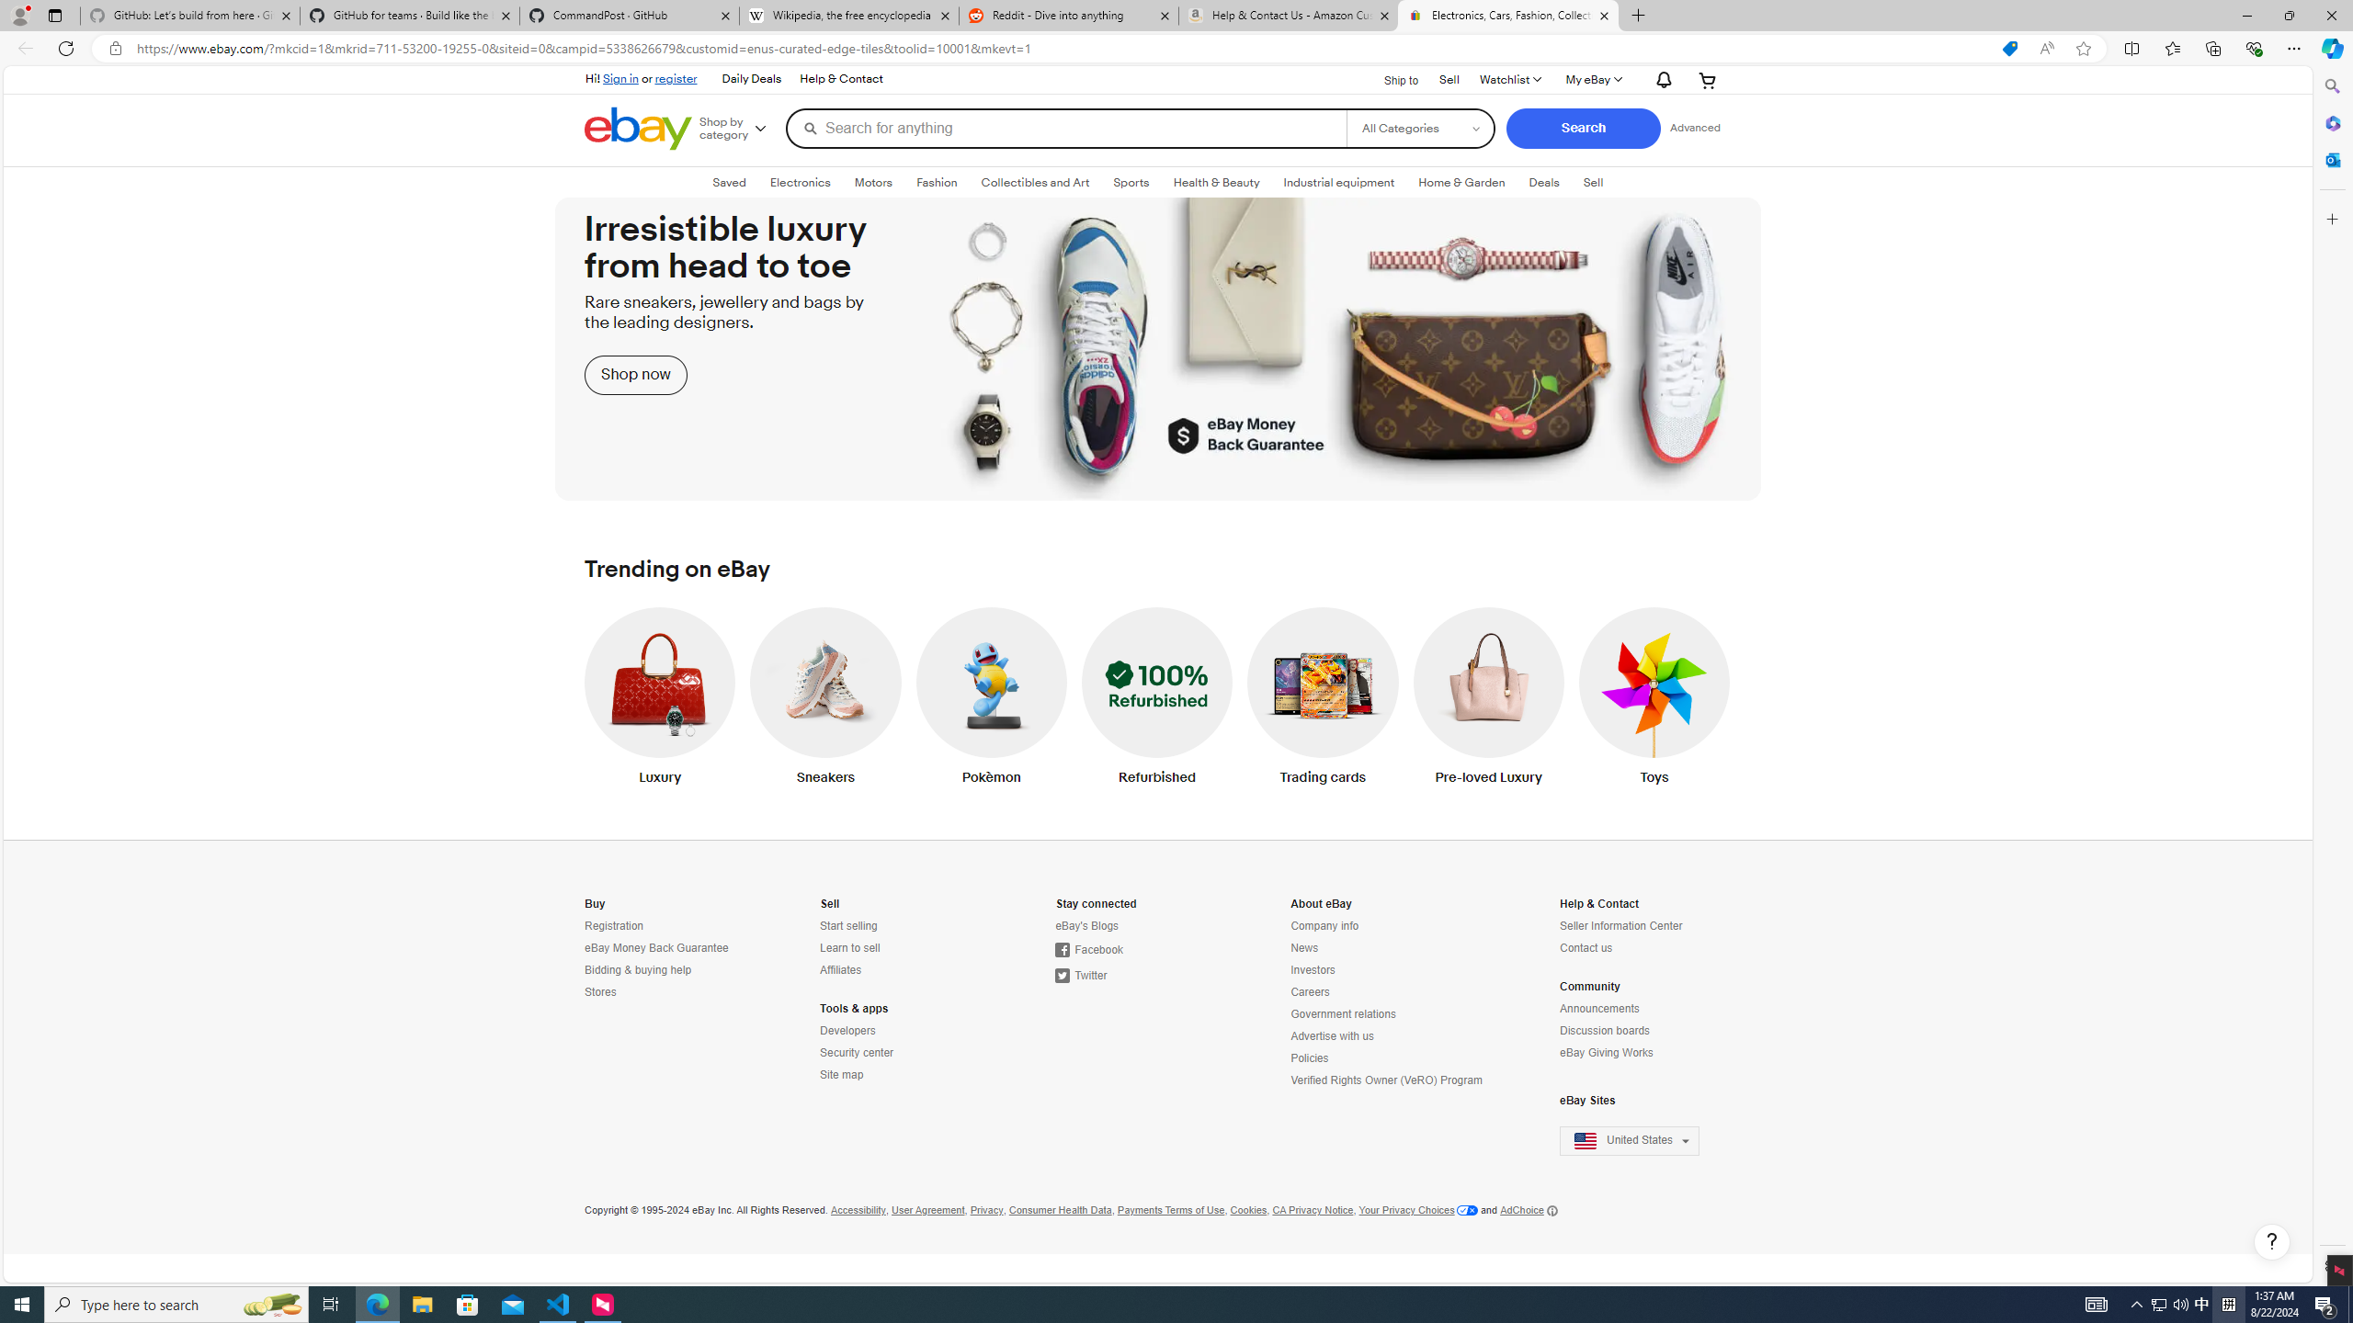 The width and height of the screenshot is (2353, 1323). Describe the element at coordinates (1593, 182) in the screenshot. I see `'SellExpand: Sell'` at that location.